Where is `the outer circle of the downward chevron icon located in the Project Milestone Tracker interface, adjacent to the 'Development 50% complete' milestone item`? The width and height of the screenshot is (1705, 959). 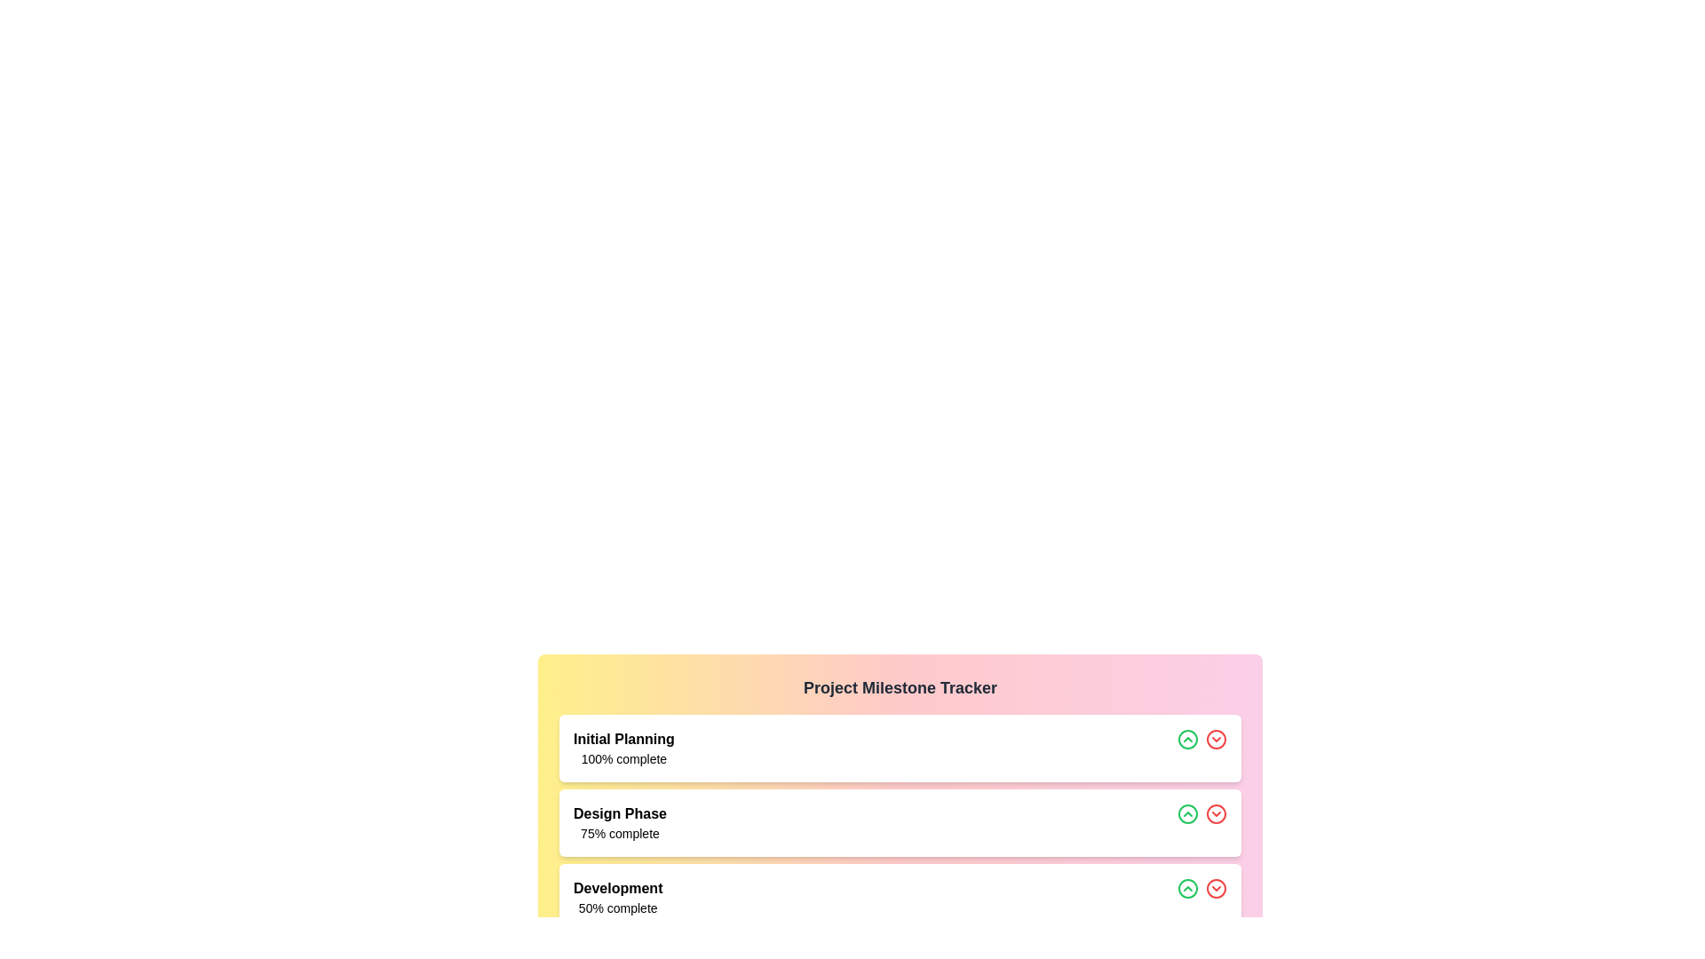
the outer circle of the downward chevron icon located in the Project Milestone Tracker interface, adjacent to the 'Development 50% complete' milestone item is located at coordinates (1215, 889).